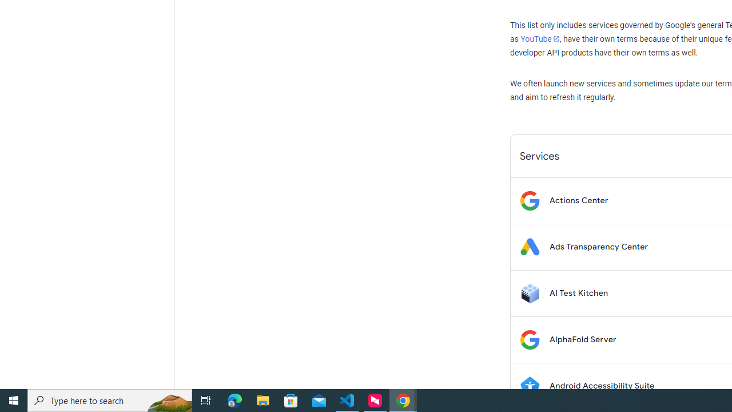 Image resolution: width=732 pixels, height=412 pixels. What do you see at coordinates (529, 246) in the screenshot?
I see `'Logo for Ads Transparency Center'` at bounding box center [529, 246].